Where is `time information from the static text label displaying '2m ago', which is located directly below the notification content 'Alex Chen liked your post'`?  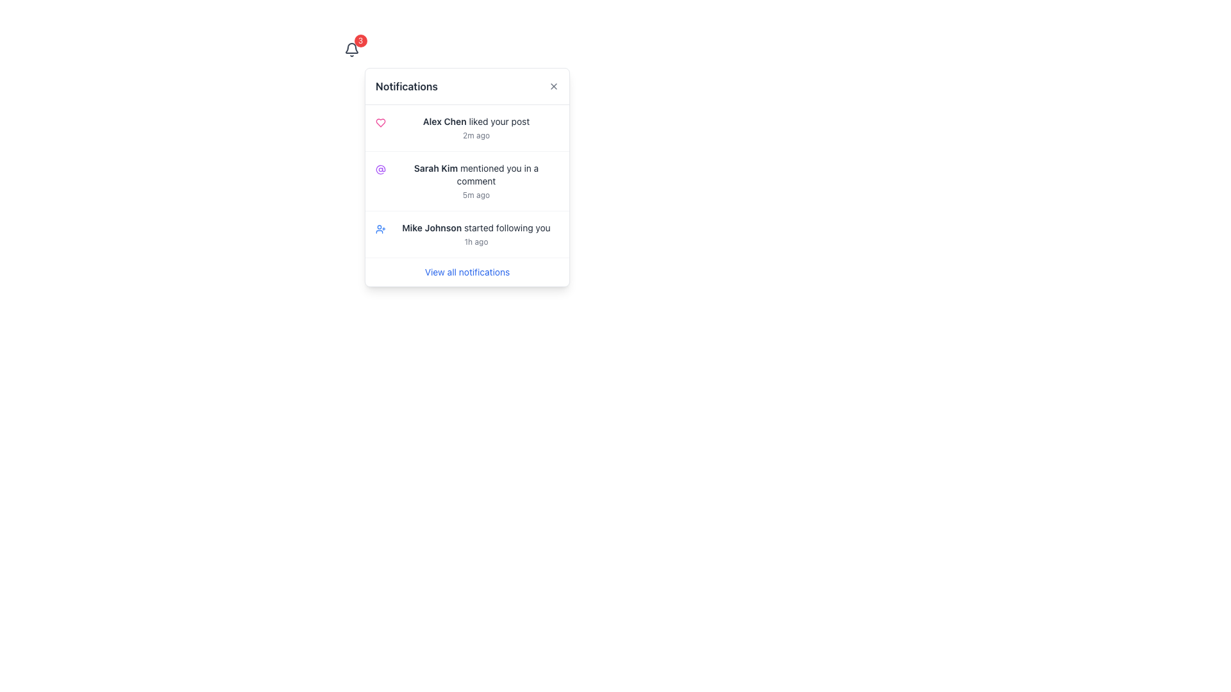 time information from the static text label displaying '2m ago', which is located directly below the notification content 'Alex Chen liked your post' is located at coordinates (476, 136).